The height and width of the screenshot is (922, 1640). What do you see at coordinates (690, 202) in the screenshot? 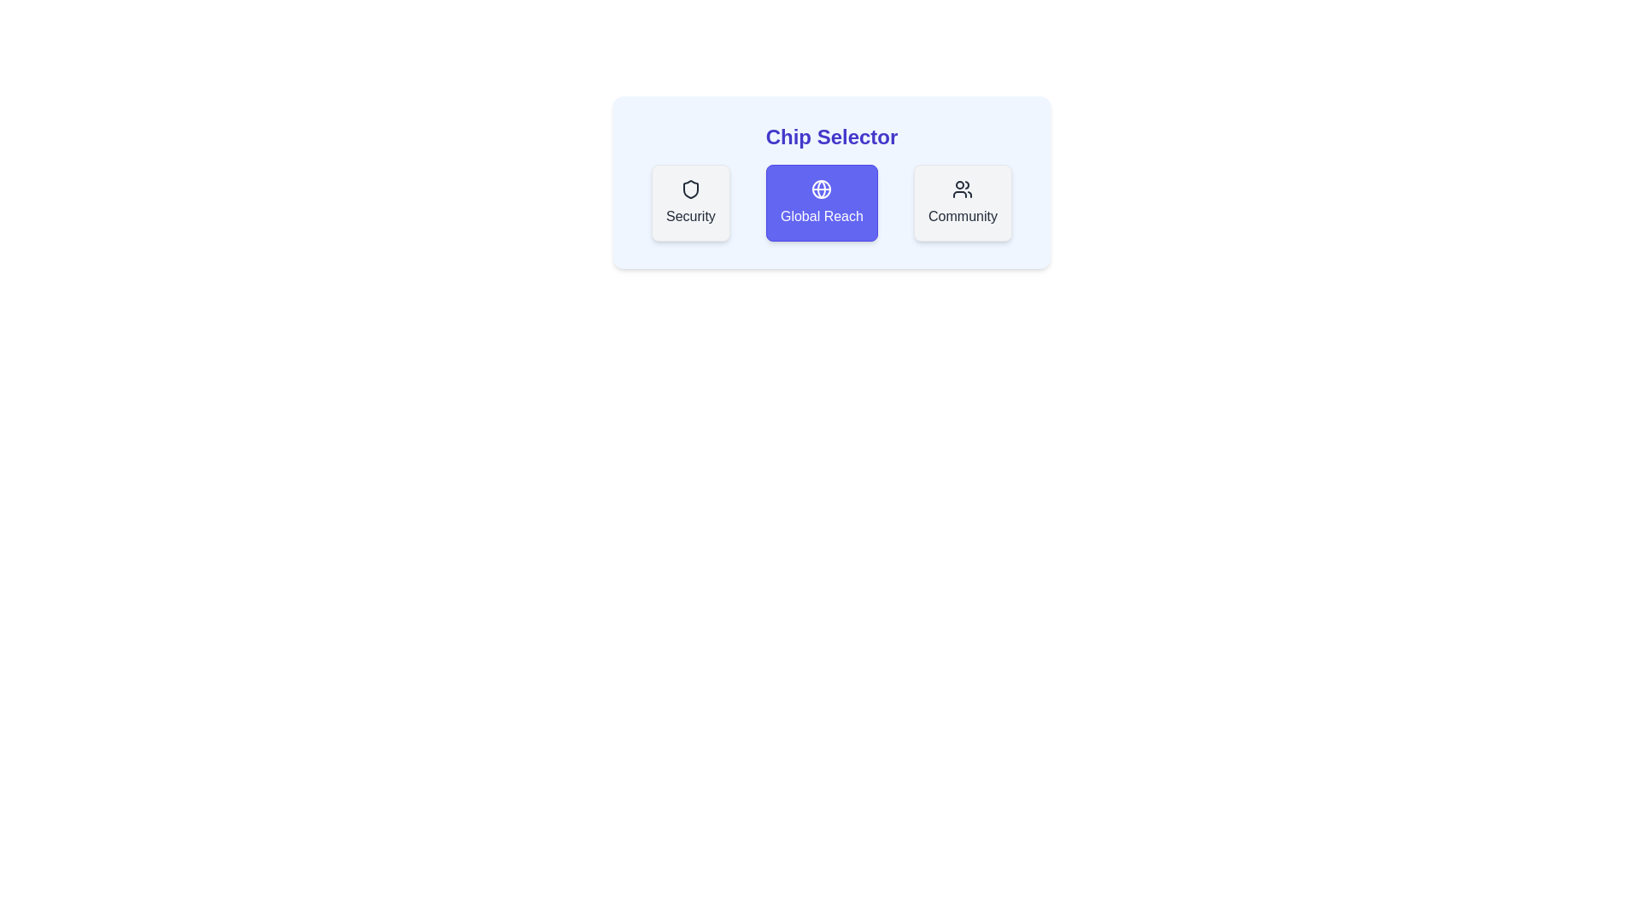
I see `the chip labeled Security` at bounding box center [690, 202].